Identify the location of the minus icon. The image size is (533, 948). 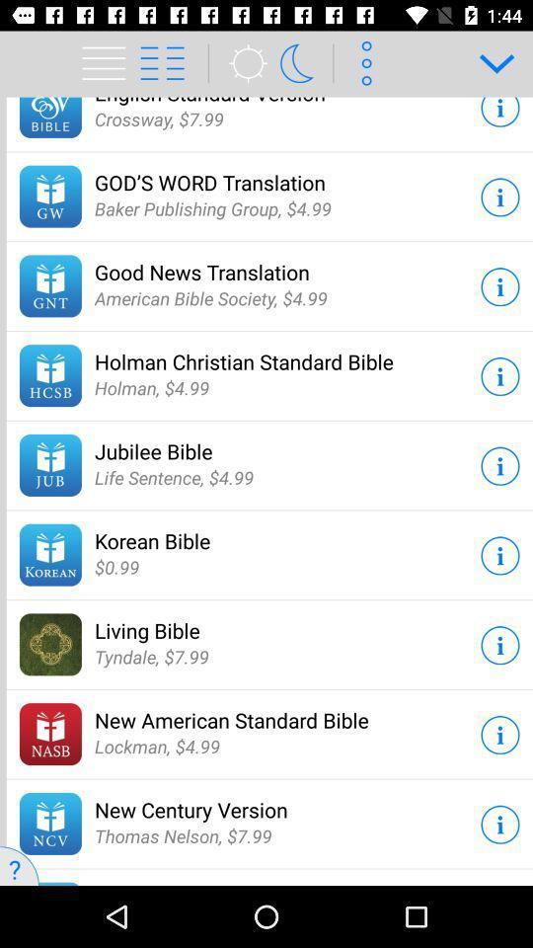
(467, 865).